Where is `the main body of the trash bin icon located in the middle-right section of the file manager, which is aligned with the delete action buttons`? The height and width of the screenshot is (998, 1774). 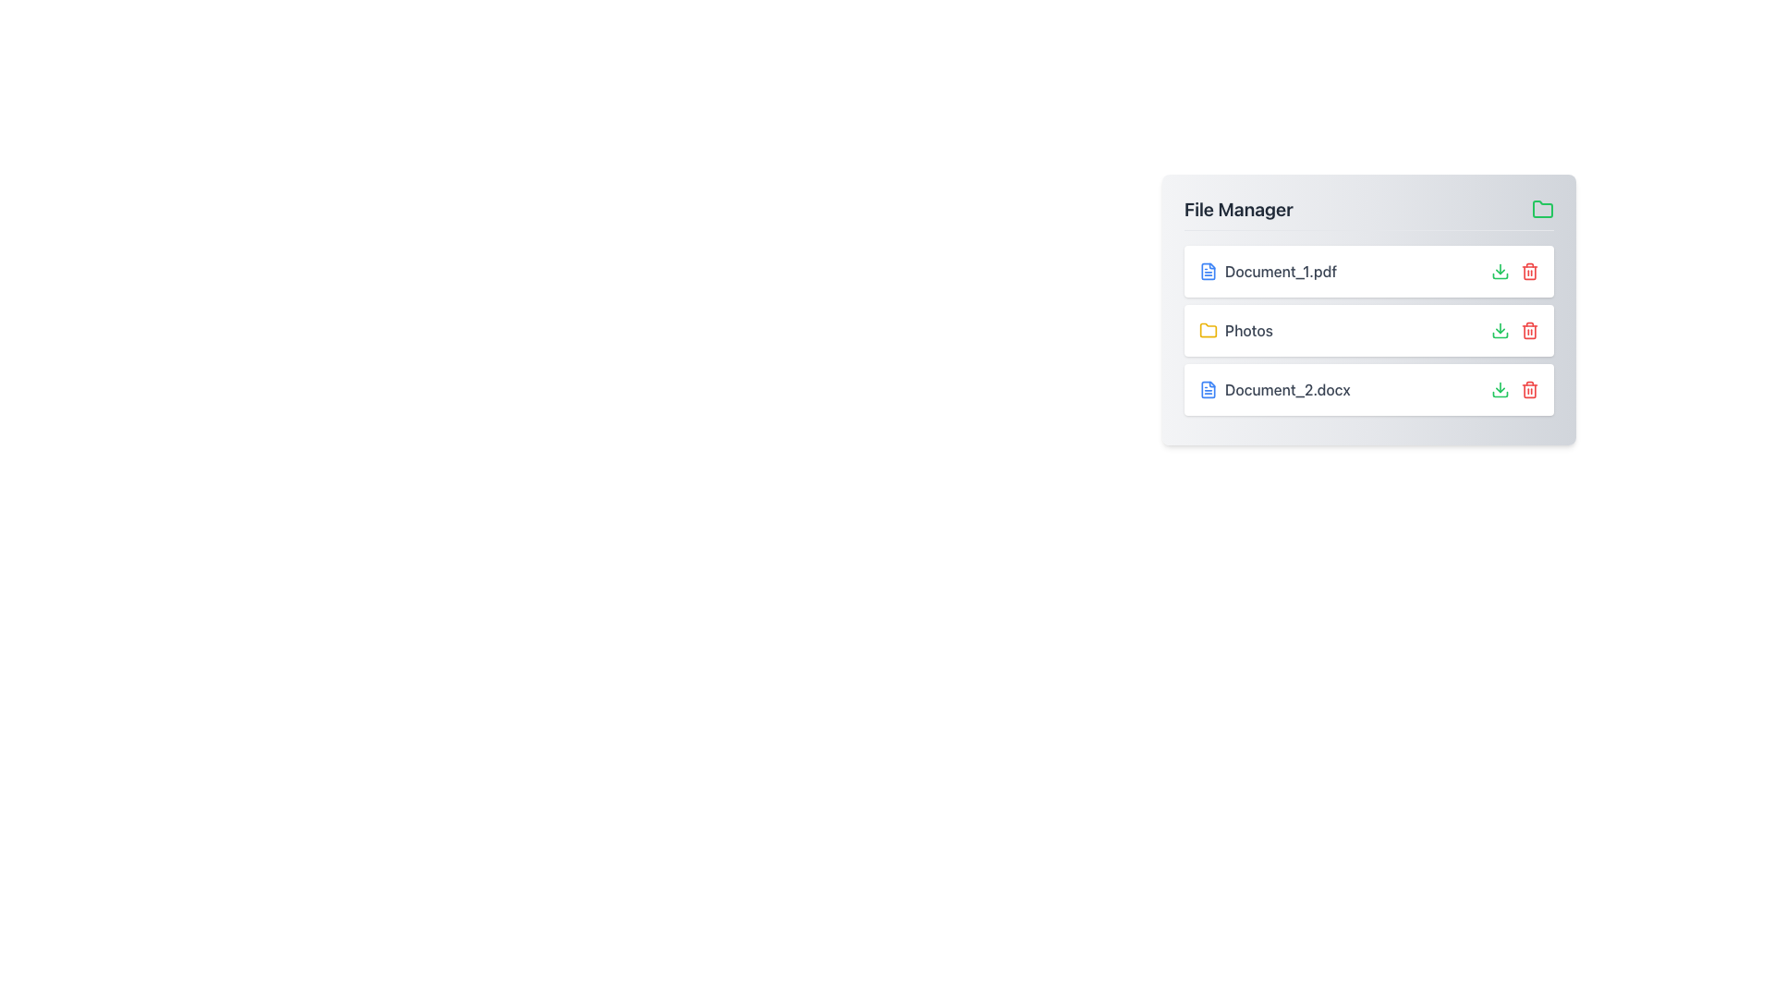
the main body of the trash bin icon located in the middle-right section of the file manager, which is aligned with the delete action buttons is located at coordinates (1530, 330).